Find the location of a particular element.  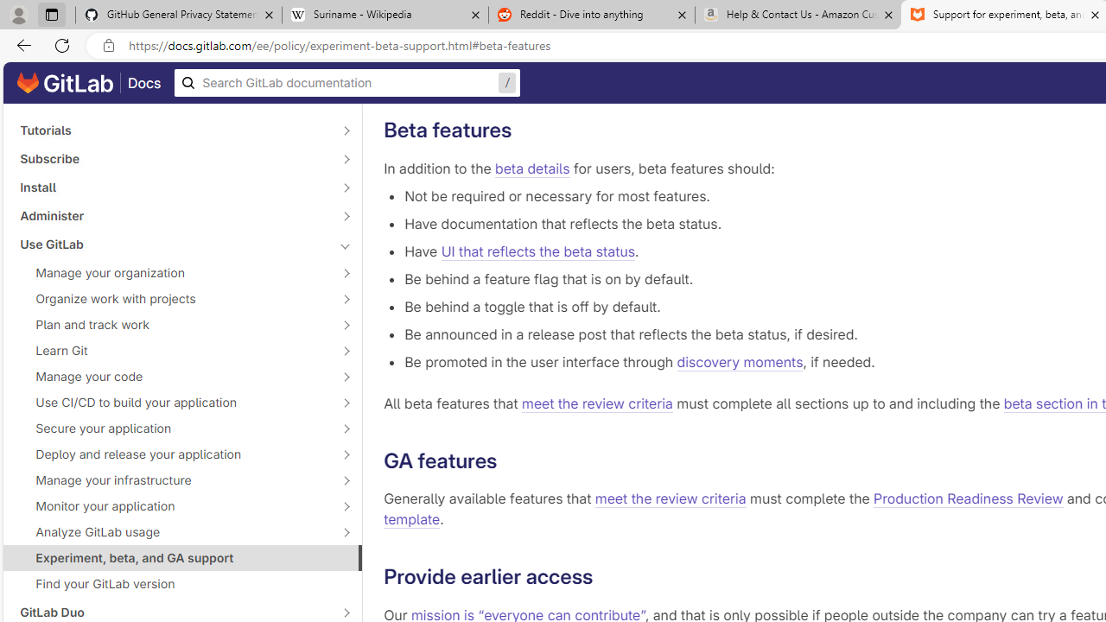

'Help & Contact Us - Amazon Customer Service - Sleeping' is located at coordinates (798, 15).